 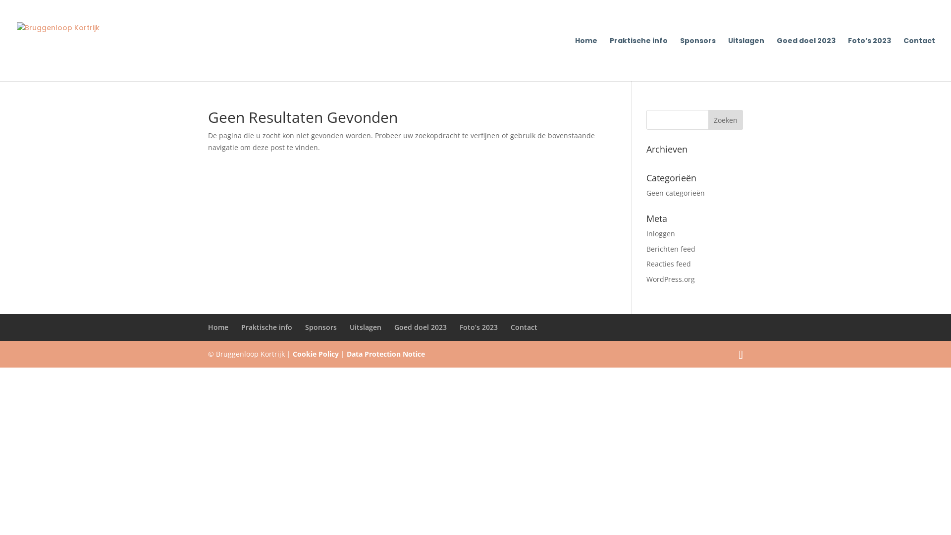 I want to click on 'Home', so click(x=575, y=59).